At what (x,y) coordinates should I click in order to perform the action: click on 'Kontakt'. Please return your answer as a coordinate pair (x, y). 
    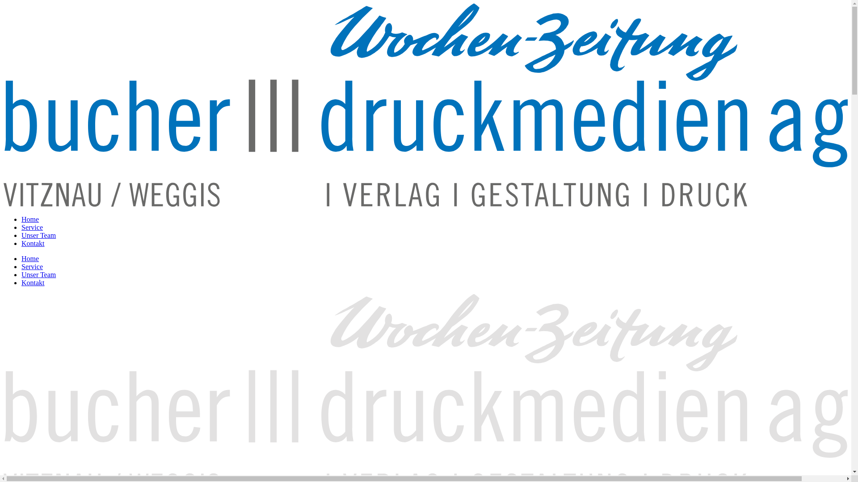
    Looking at the image, I should click on (33, 243).